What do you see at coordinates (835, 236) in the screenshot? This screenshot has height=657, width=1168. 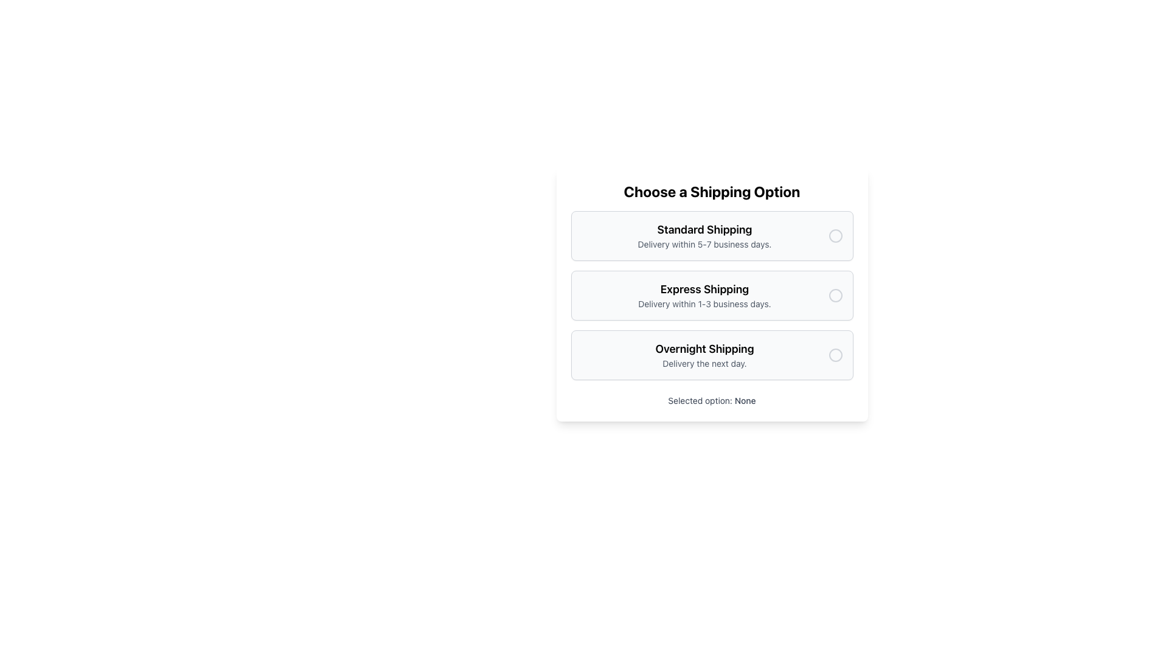 I see `the radio button indicator for the 'Standard Shipping' option` at bounding box center [835, 236].